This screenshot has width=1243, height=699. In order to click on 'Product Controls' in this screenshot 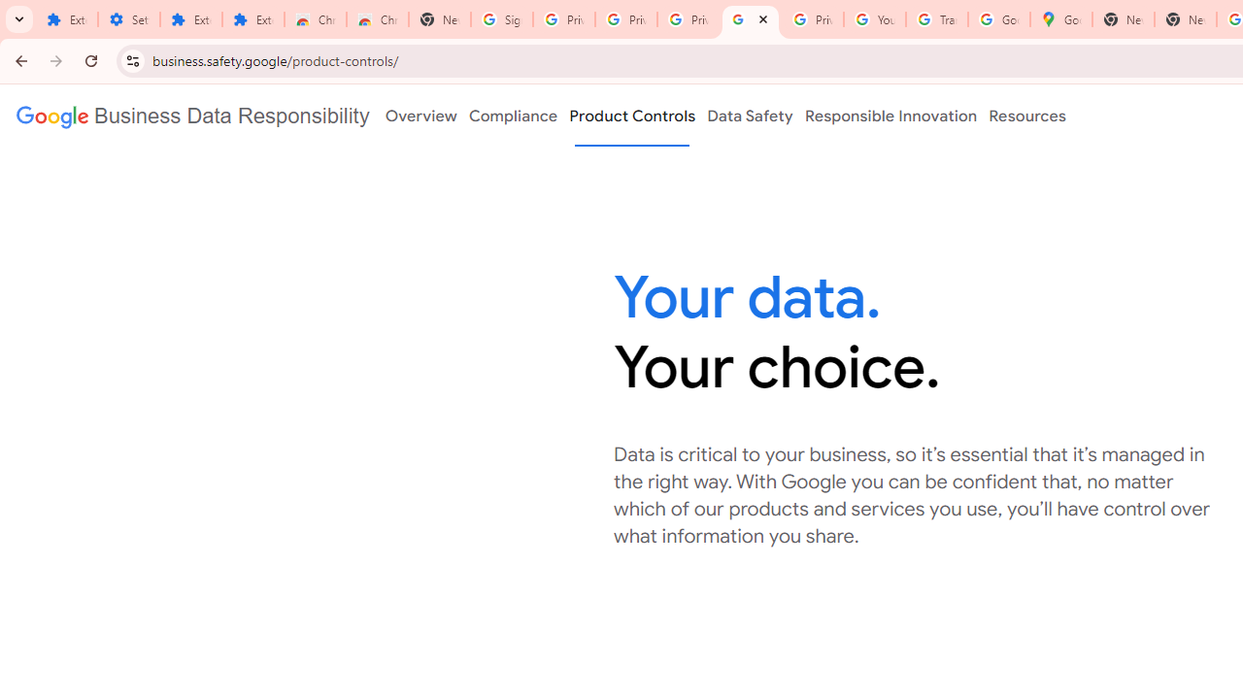, I will do `click(632, 116)`.